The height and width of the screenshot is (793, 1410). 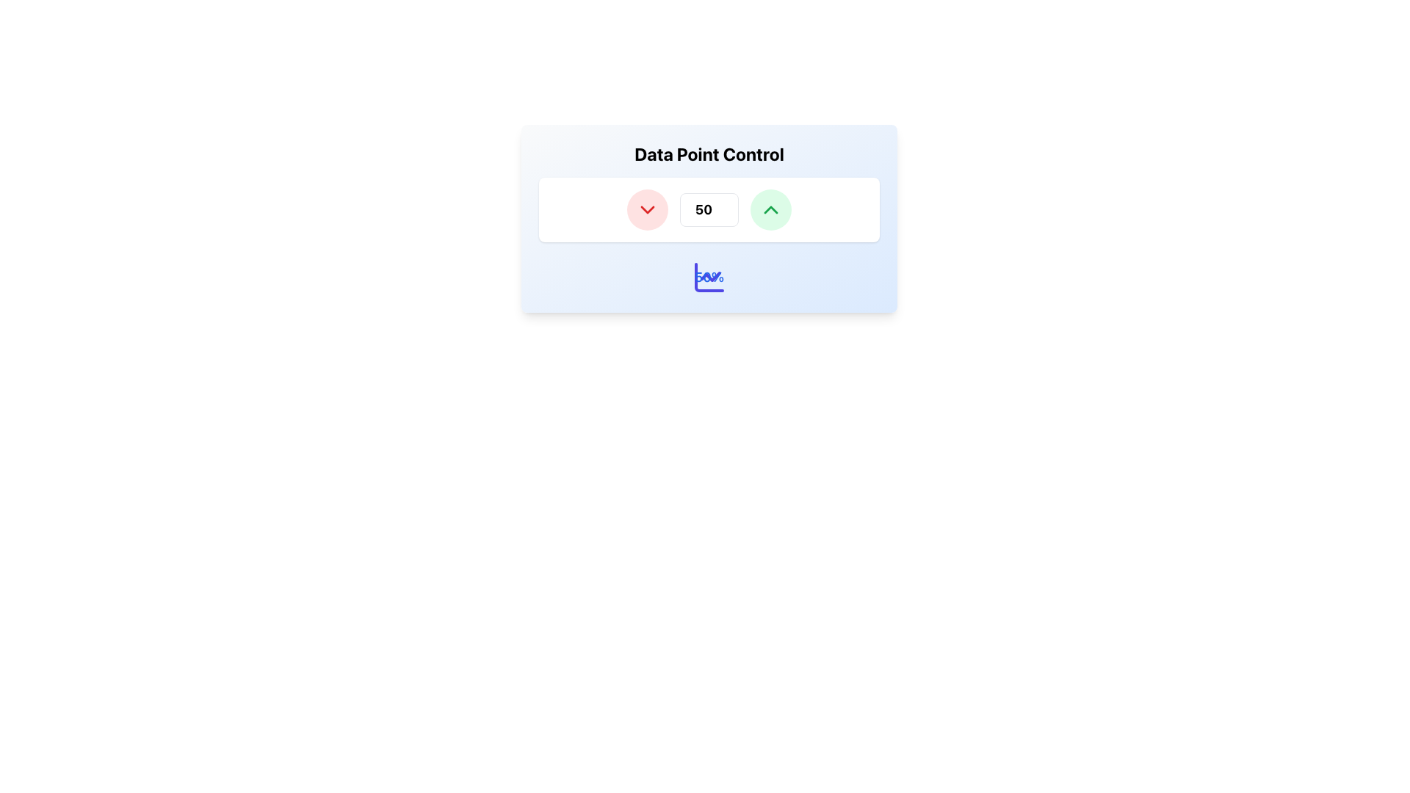 What do you see at coordinates (647, 209) in the screenshot?
I see `the circular red button with a downward chevron icon to decrease the value` at bounding box center [647, 209].